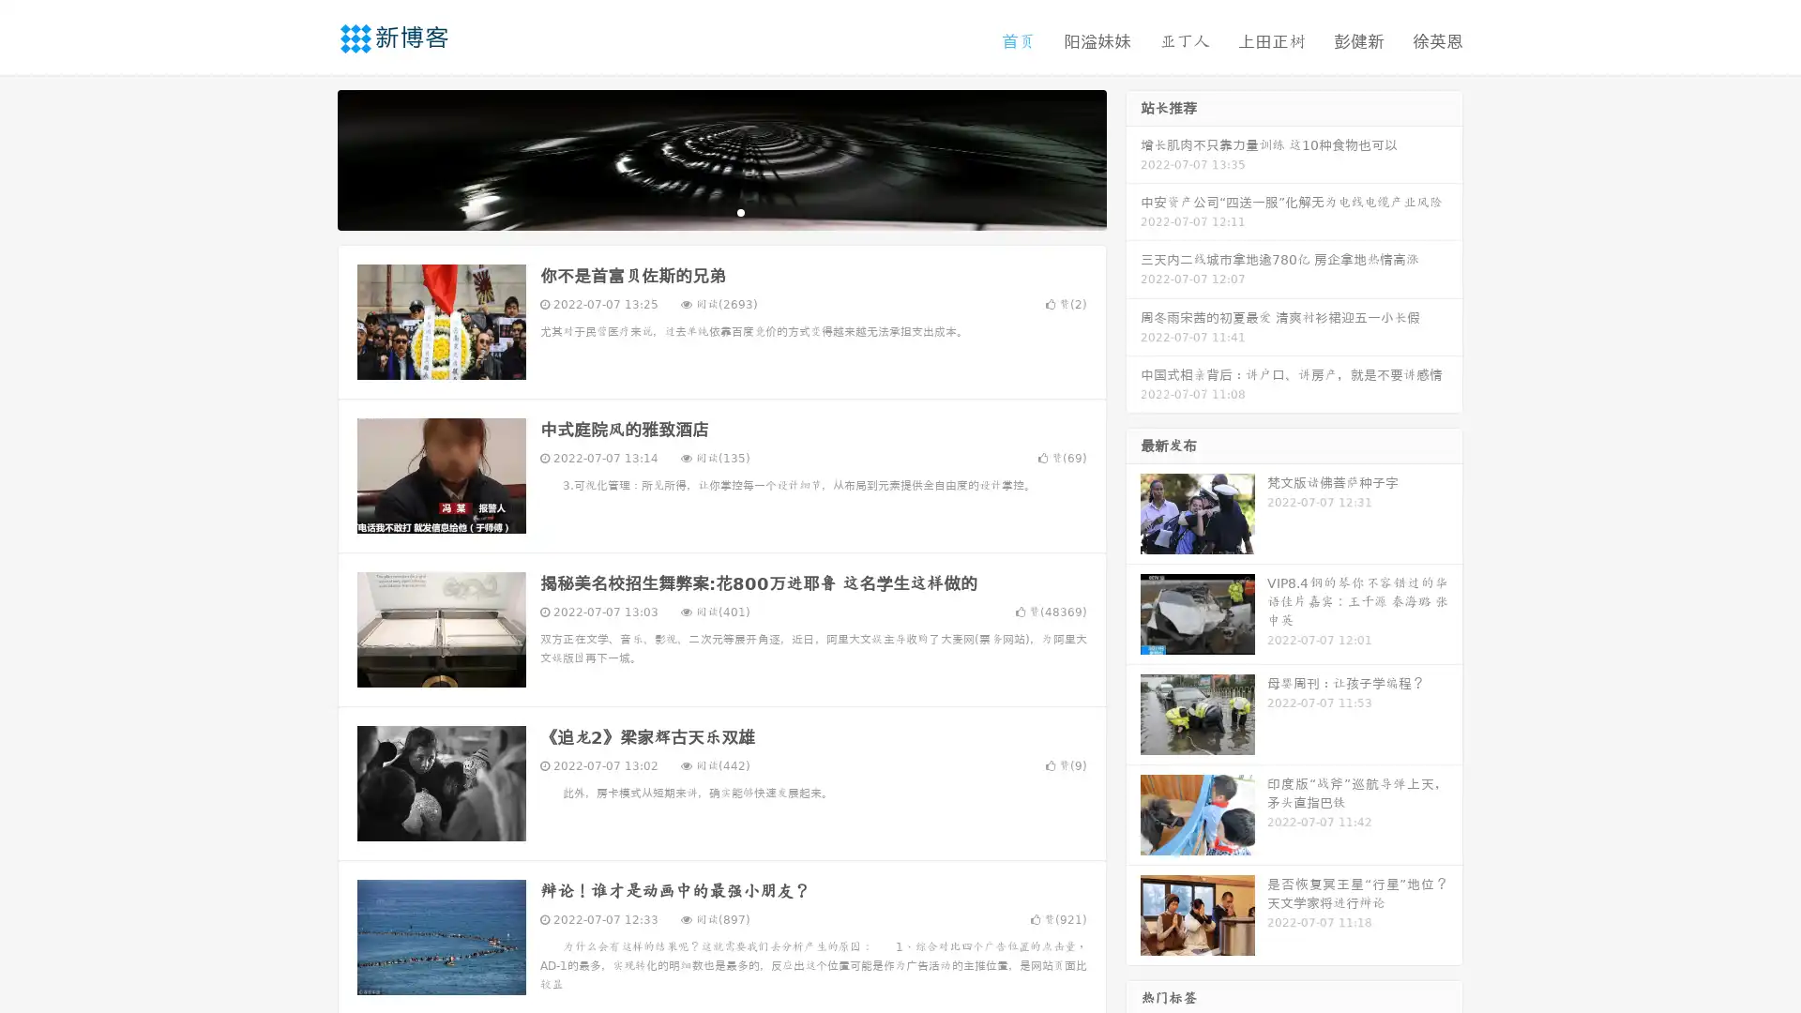  I want to click on Go to slide 2, so click(720, 211).